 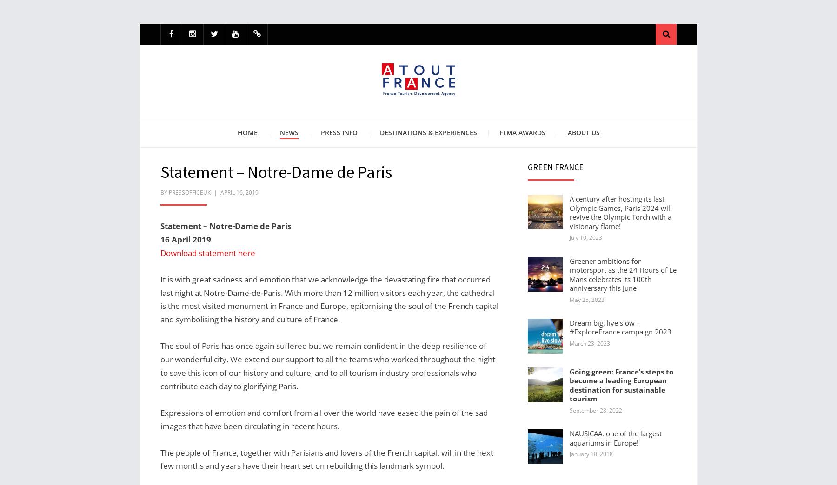 I want to click on 'The people of France, together with Parisians and lovers of the French capital, will in the next few months and years have their heart set on rebuilding this landmark symbol.', so click(x=160, y=459).